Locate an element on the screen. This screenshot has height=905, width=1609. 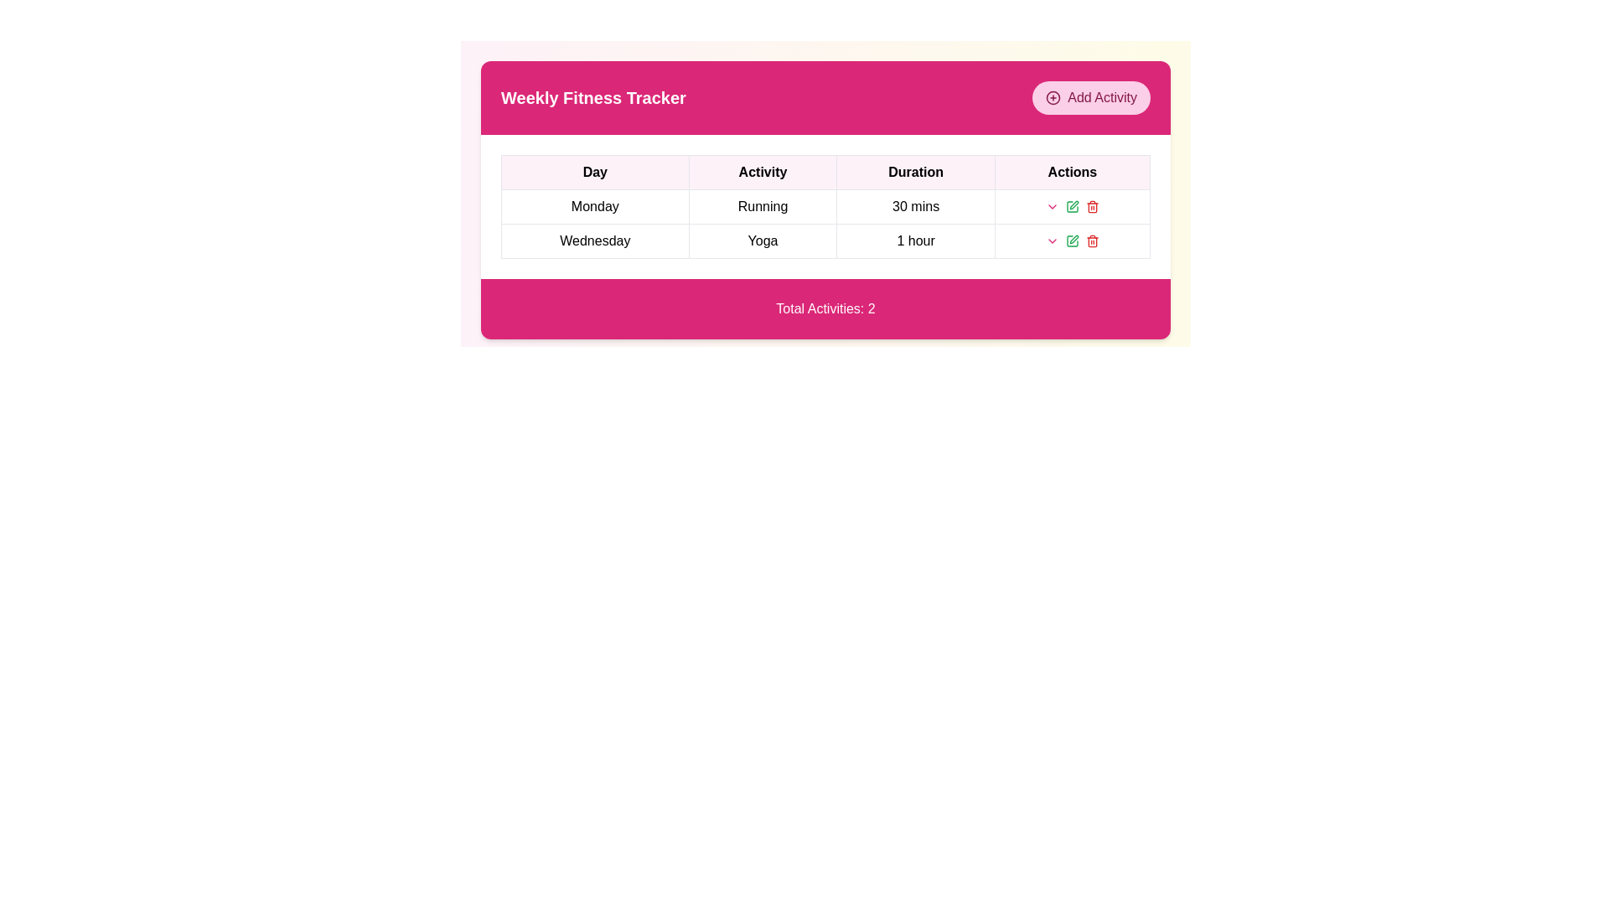
the first interactive icon in the 'Actions' column of the table row corresponding to the 'Yoga' activity is located at coordinates (1051, 205).